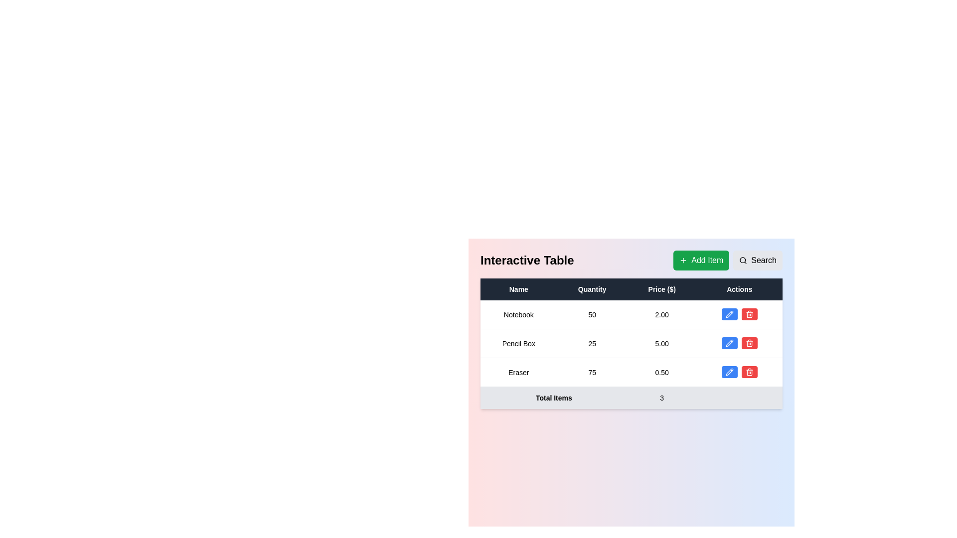  What do you see at coordinates (592, 343) in the screenshot?
I see `the static text displaying the numeric value '25' in the 'Quantity' column of the table, which is the second row corresponding to the 'Pencil Box' entry` at bounding box center [592, 343].